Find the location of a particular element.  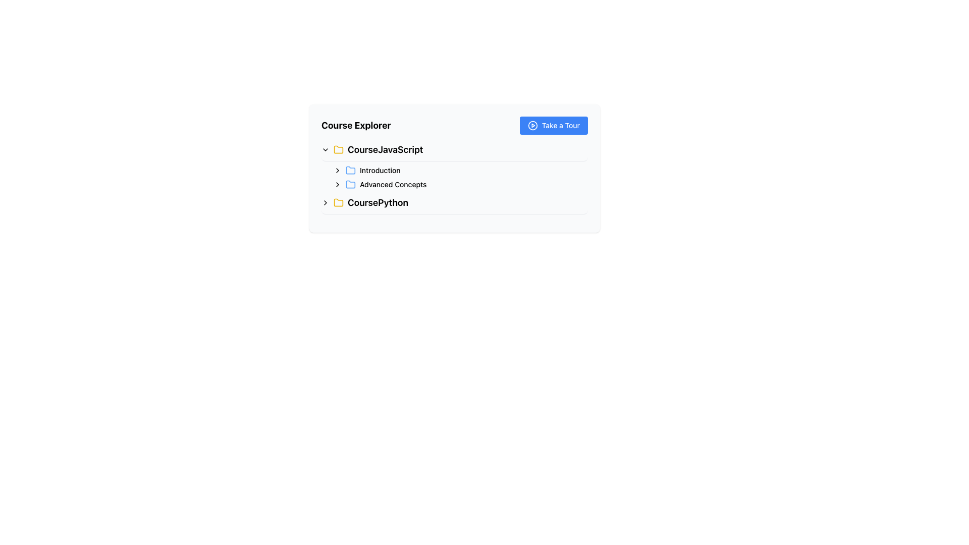

the 'CourseJavaScript' text label is located at coordinates (385, 150).